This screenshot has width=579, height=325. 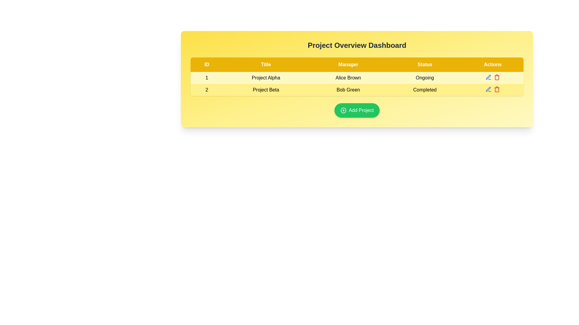 I want to click on the Edit button icon located in the 'Actions' column of the second row of a table within a card styled with a light yellow background to possibly display a tooltip, so click(x=489, y=77).